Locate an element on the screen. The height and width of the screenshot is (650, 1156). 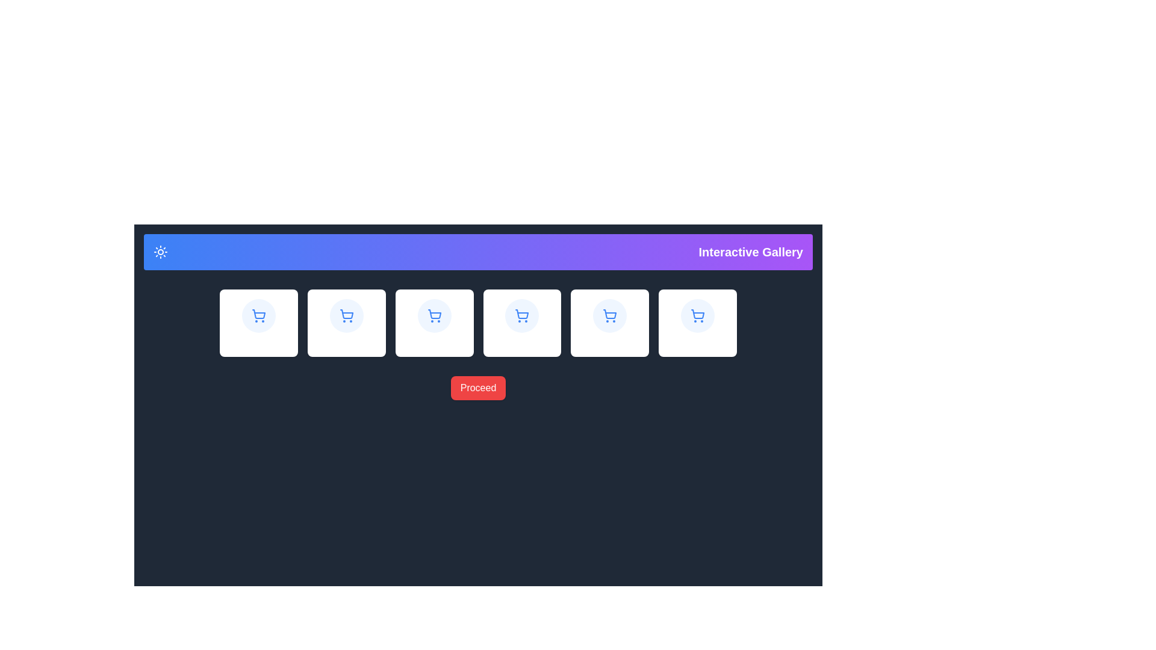
the blue shopping cart icon, which is the third icon from the left in a linear arrangement is located at coordinates (433, 315).